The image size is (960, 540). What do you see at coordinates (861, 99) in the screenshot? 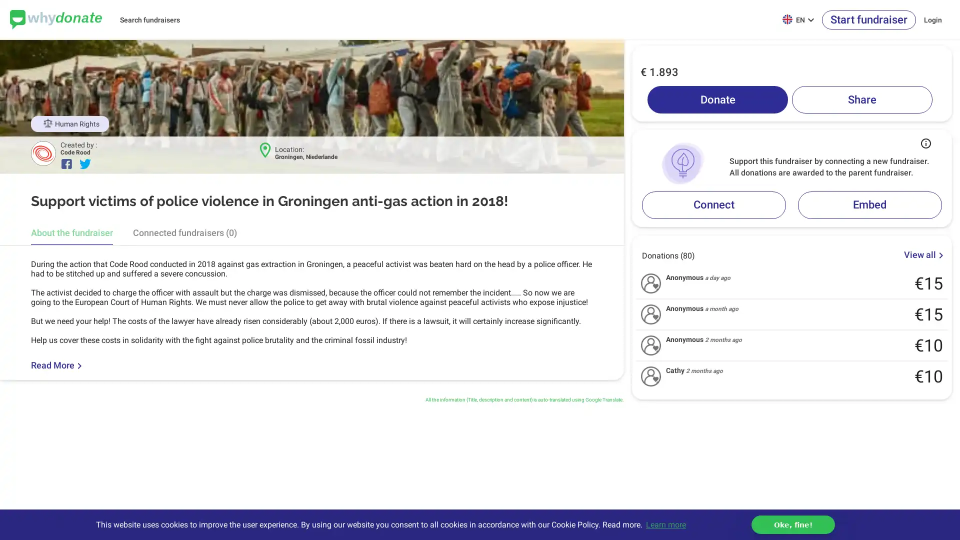
I see `Share` at bounding box center [861, 99].